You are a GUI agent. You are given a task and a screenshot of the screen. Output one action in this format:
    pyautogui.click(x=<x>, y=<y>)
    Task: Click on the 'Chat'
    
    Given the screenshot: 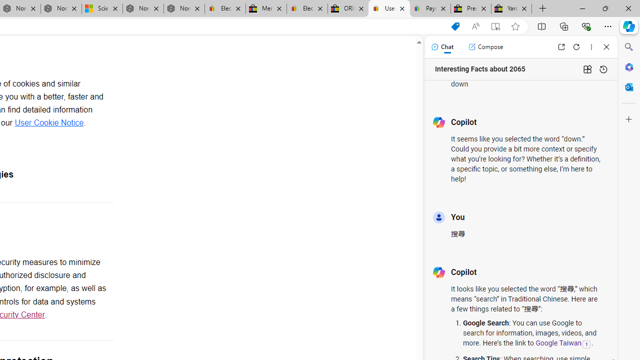 What is the action you would take?
    pyautogui.click(x=441, y=46)
    